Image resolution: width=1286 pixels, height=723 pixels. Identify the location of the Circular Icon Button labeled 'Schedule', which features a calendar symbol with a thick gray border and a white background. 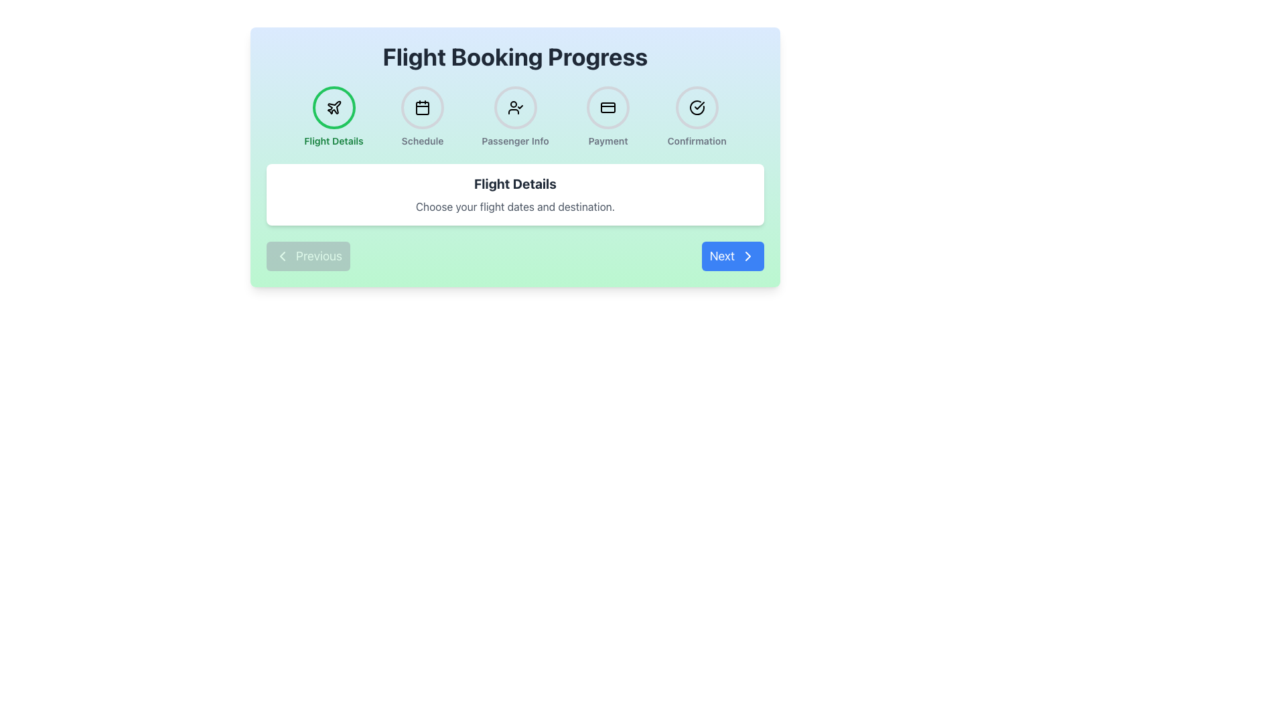
(422, 107).